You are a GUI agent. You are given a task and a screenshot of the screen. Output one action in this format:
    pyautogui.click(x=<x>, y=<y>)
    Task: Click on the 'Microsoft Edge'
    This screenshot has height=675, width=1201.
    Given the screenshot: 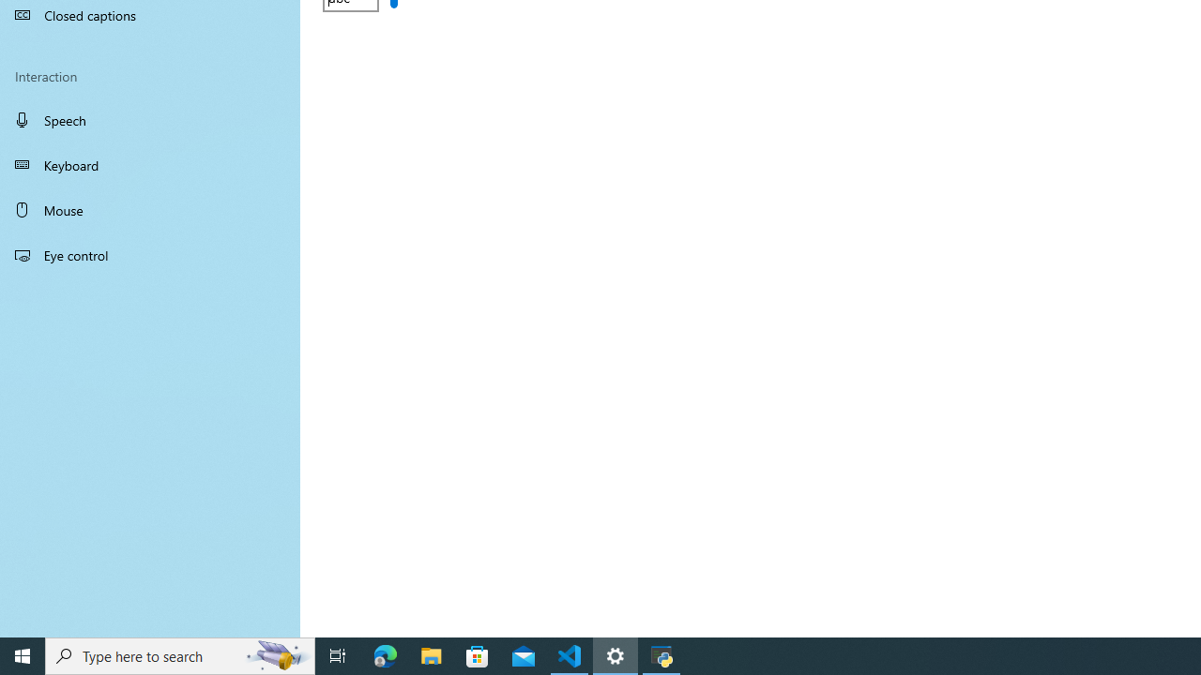 What is the action you would take?
    pyautogui.click(x=385, y=654)
    